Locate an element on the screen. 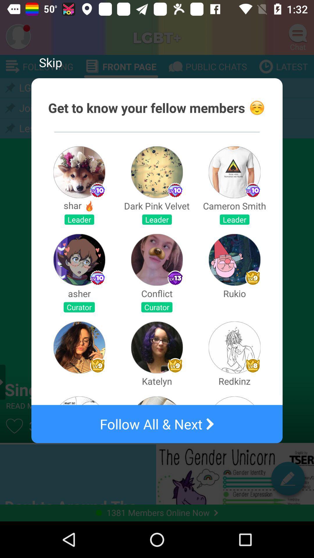 Image resolution: width=314 pixels, height=558 pixels. follow all and next  icon is located at coordinates (157, 424).